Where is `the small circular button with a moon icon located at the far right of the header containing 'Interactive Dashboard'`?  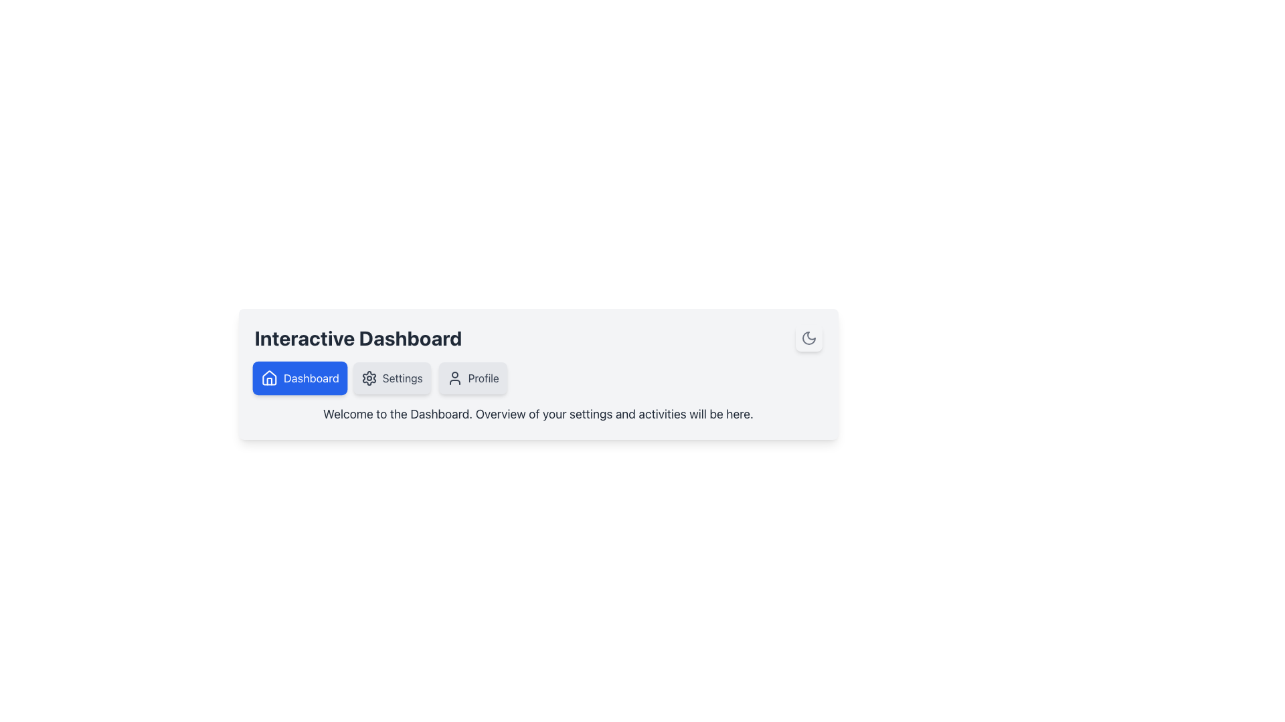
the small circular button with a moon icon located at the far right of the header containing 'Interactive Dashboard' is located at coordinates (808, 337).